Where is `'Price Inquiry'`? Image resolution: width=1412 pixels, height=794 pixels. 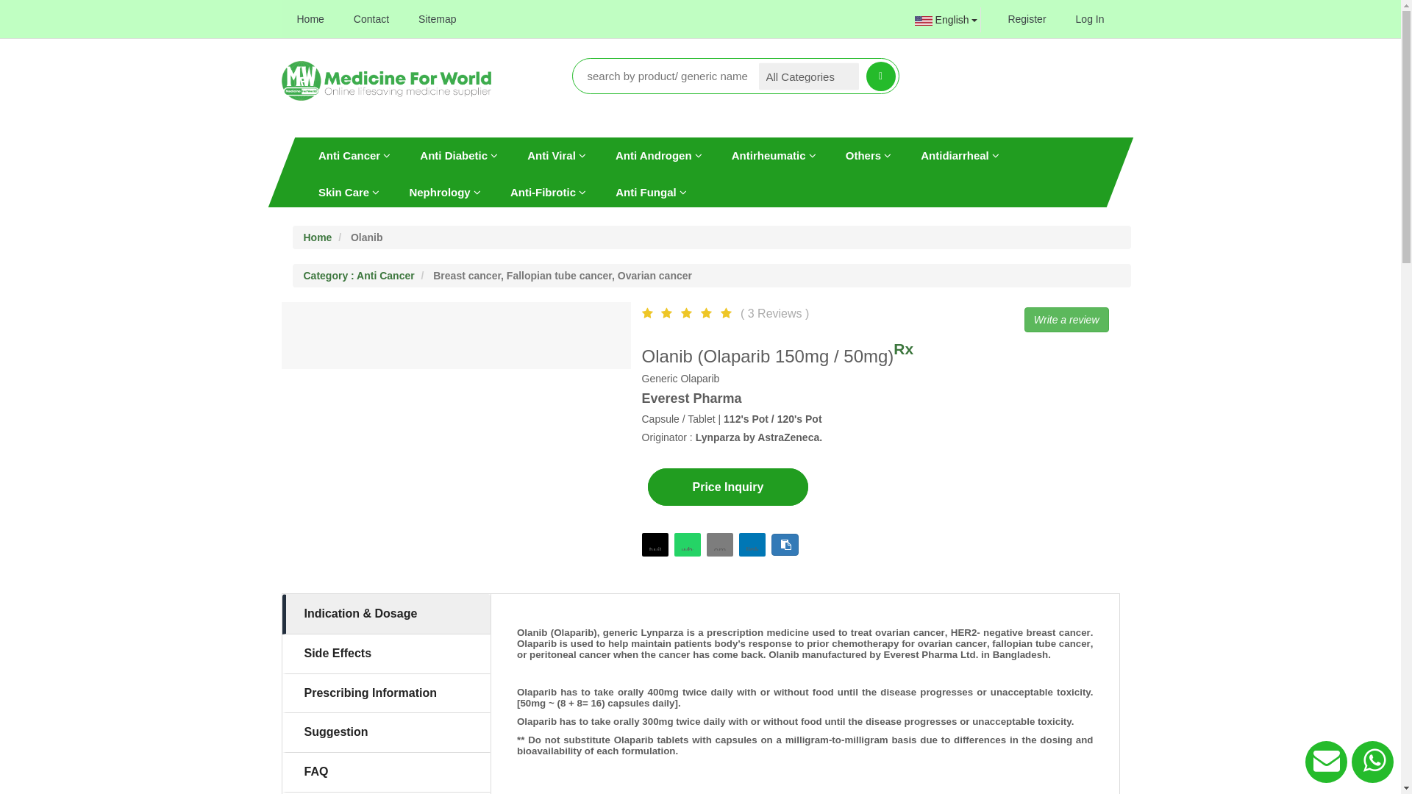
'Price Inquiry' is located at coordinates (646, 487).